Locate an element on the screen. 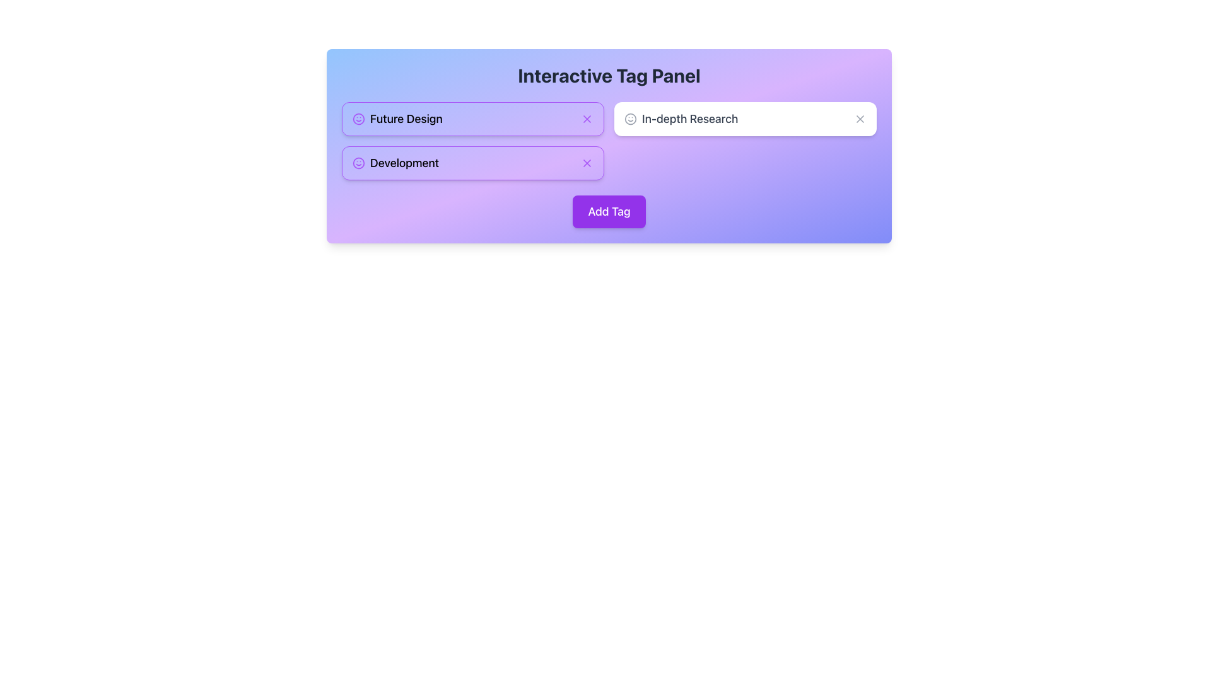 This screenshot has height=681, width=1211. the circular outline of the 'Development' tag icon, which is styled in purple and has a consistent stroke thickness is located at coordinates (358, 162).